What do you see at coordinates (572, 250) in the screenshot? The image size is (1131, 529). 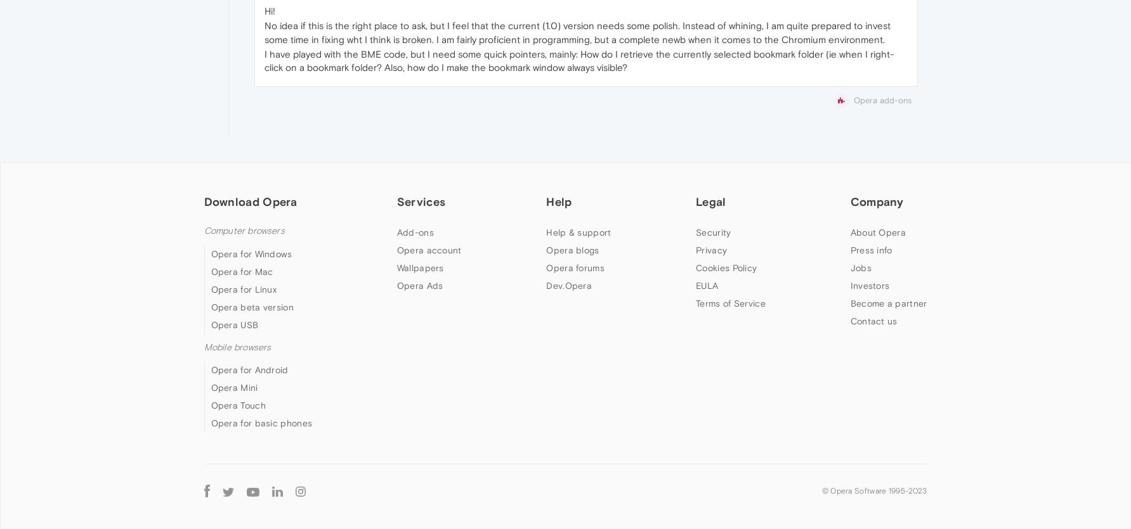 I see `'Opera blogs'` at bounding box center [572, 250].